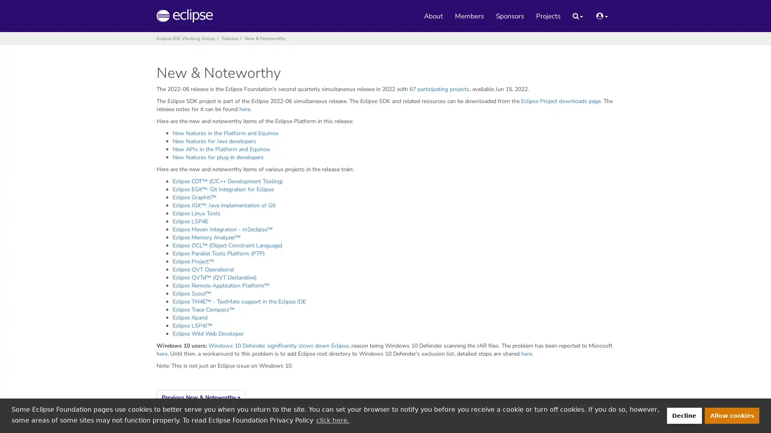 This screenshot has height=433, width=771. I want to click on learn more about cookies, so click(332, 420).